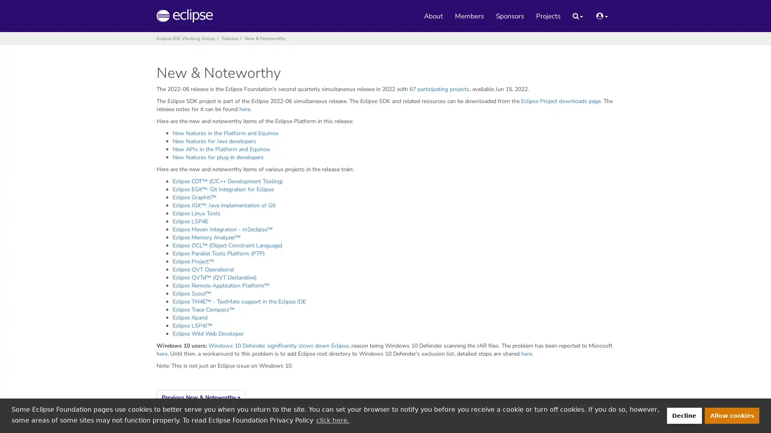 This screenshot has height=433, width=771. I want to click on learn more about cookies, so click(332, 420).